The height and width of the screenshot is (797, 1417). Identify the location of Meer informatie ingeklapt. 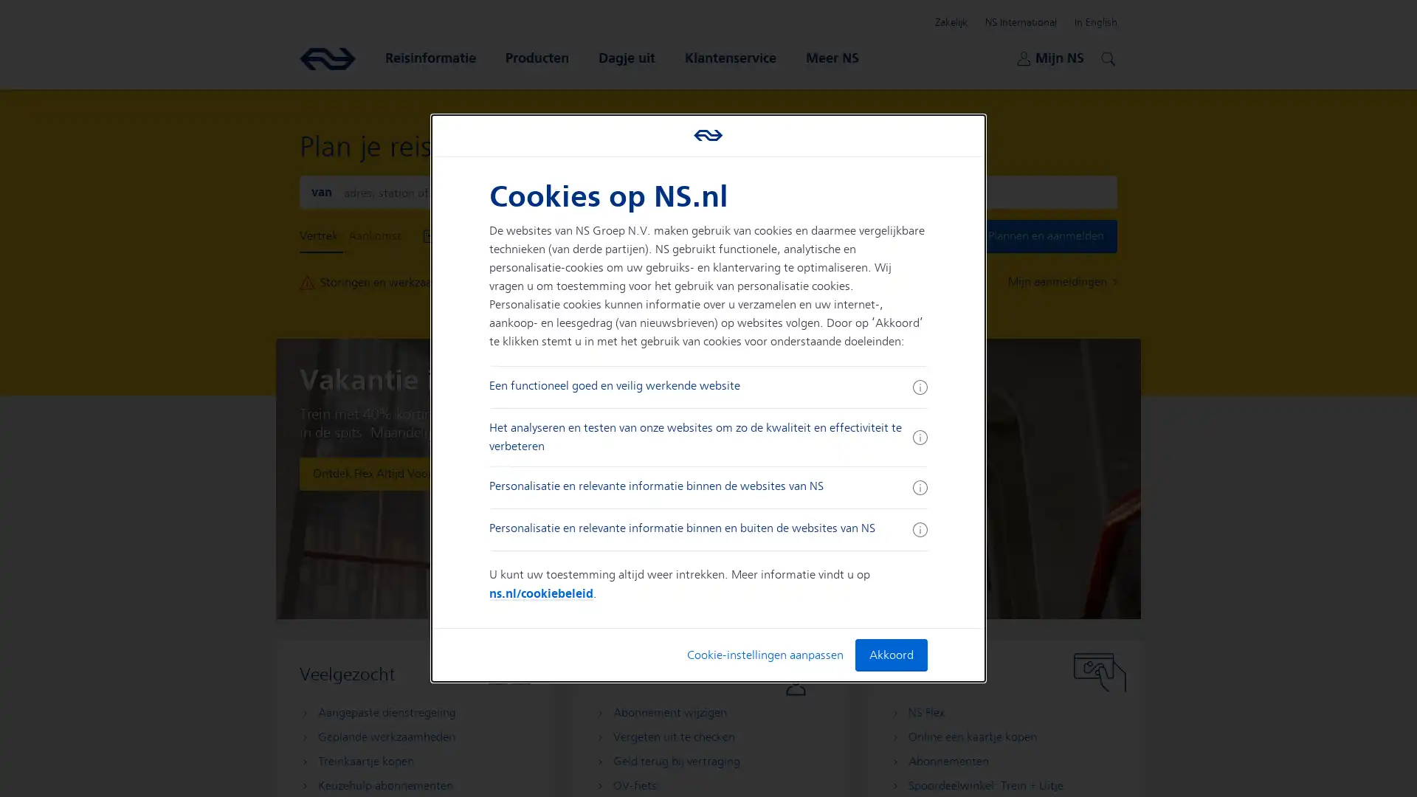
(919, 528).